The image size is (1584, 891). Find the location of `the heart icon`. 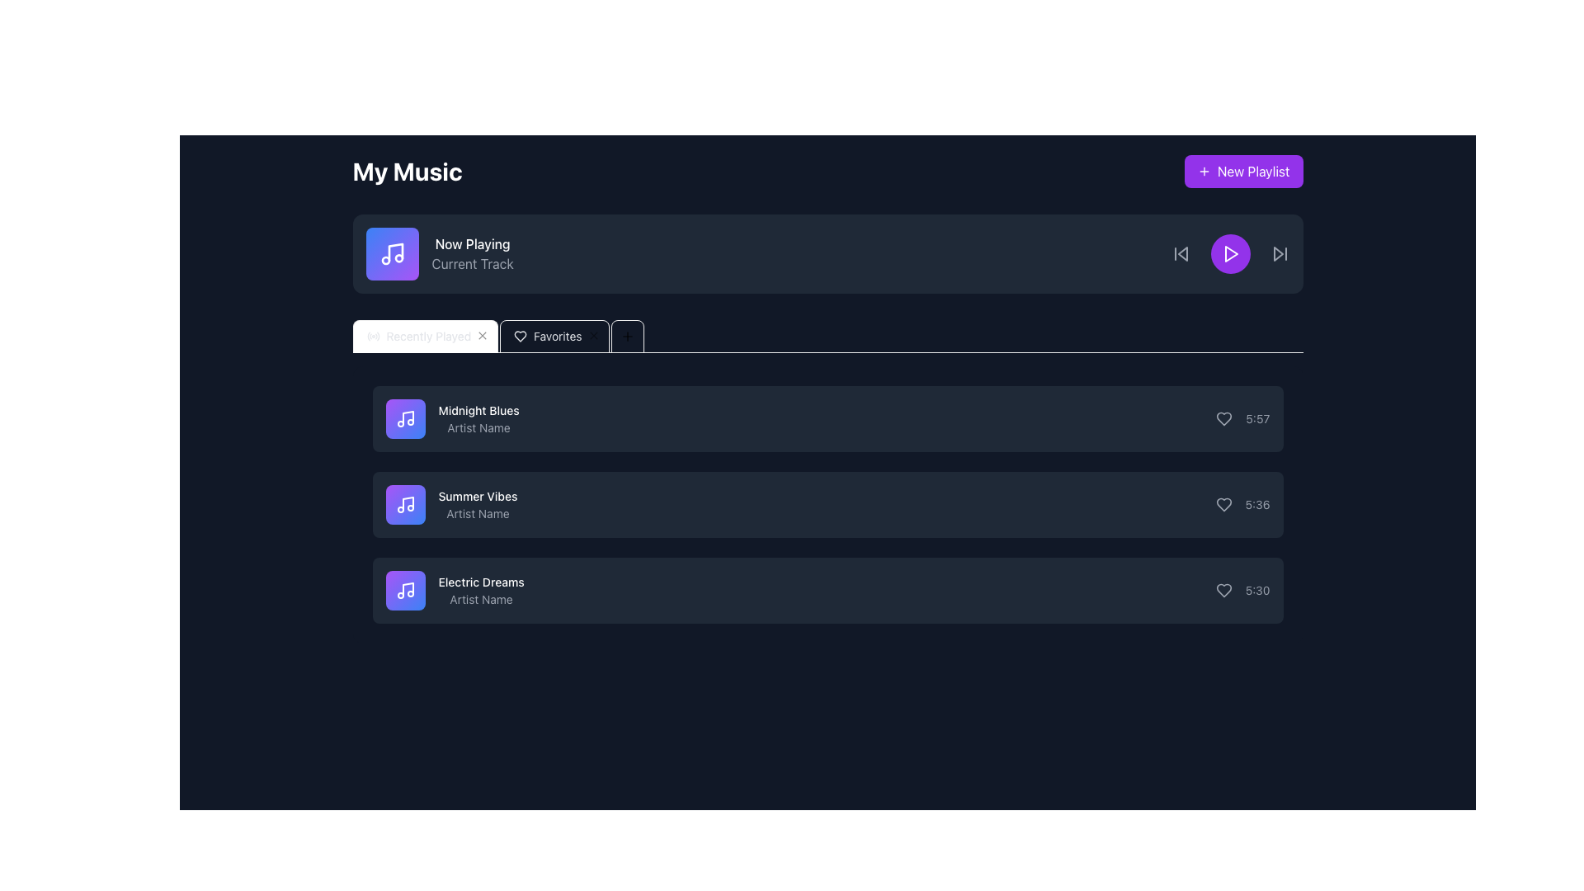

the heart icon is located at coordinates (1224, 418).